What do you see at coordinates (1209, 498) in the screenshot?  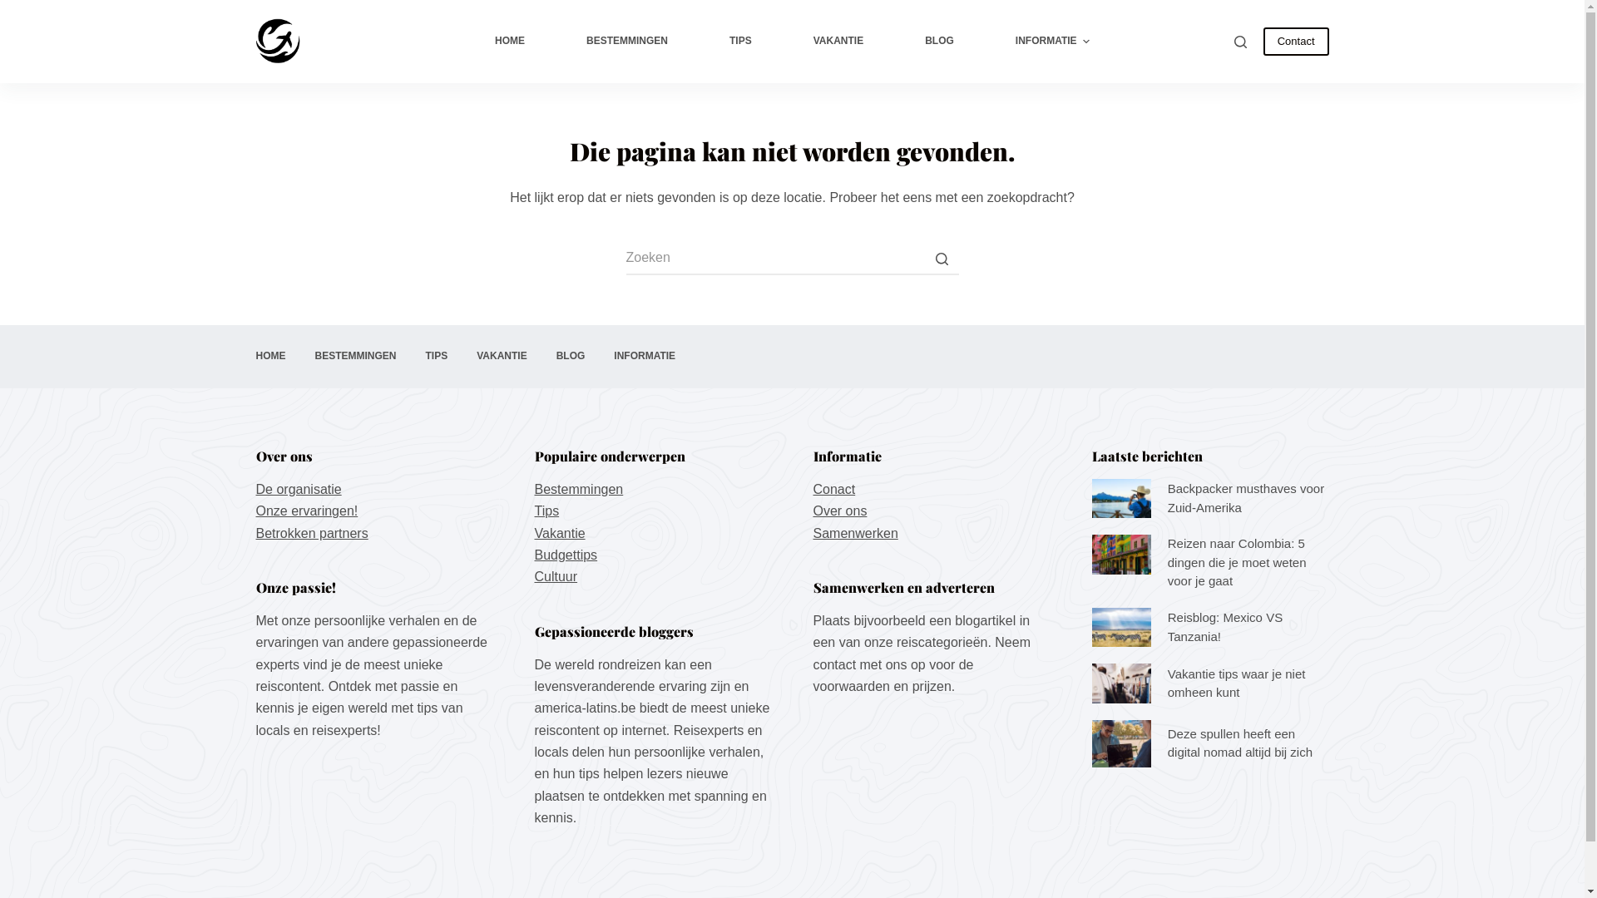 I see `'Backpacker musthaves voor Zuid-Amerika'` at bounding box center [1209, 498].